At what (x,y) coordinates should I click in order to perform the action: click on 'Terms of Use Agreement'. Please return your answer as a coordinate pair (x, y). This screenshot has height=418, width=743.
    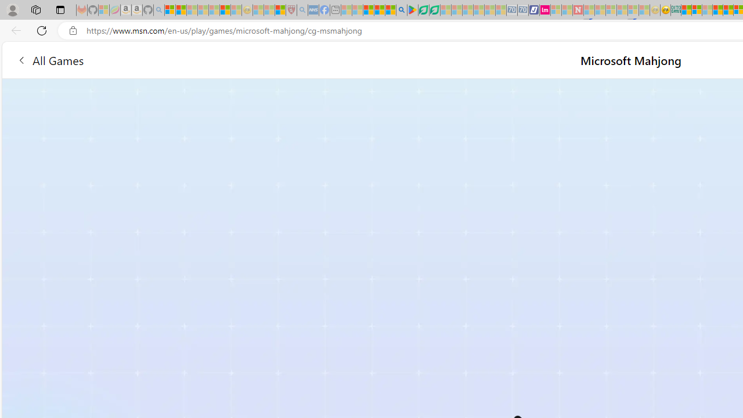
    Looking at the image, I should click on (423, 10).